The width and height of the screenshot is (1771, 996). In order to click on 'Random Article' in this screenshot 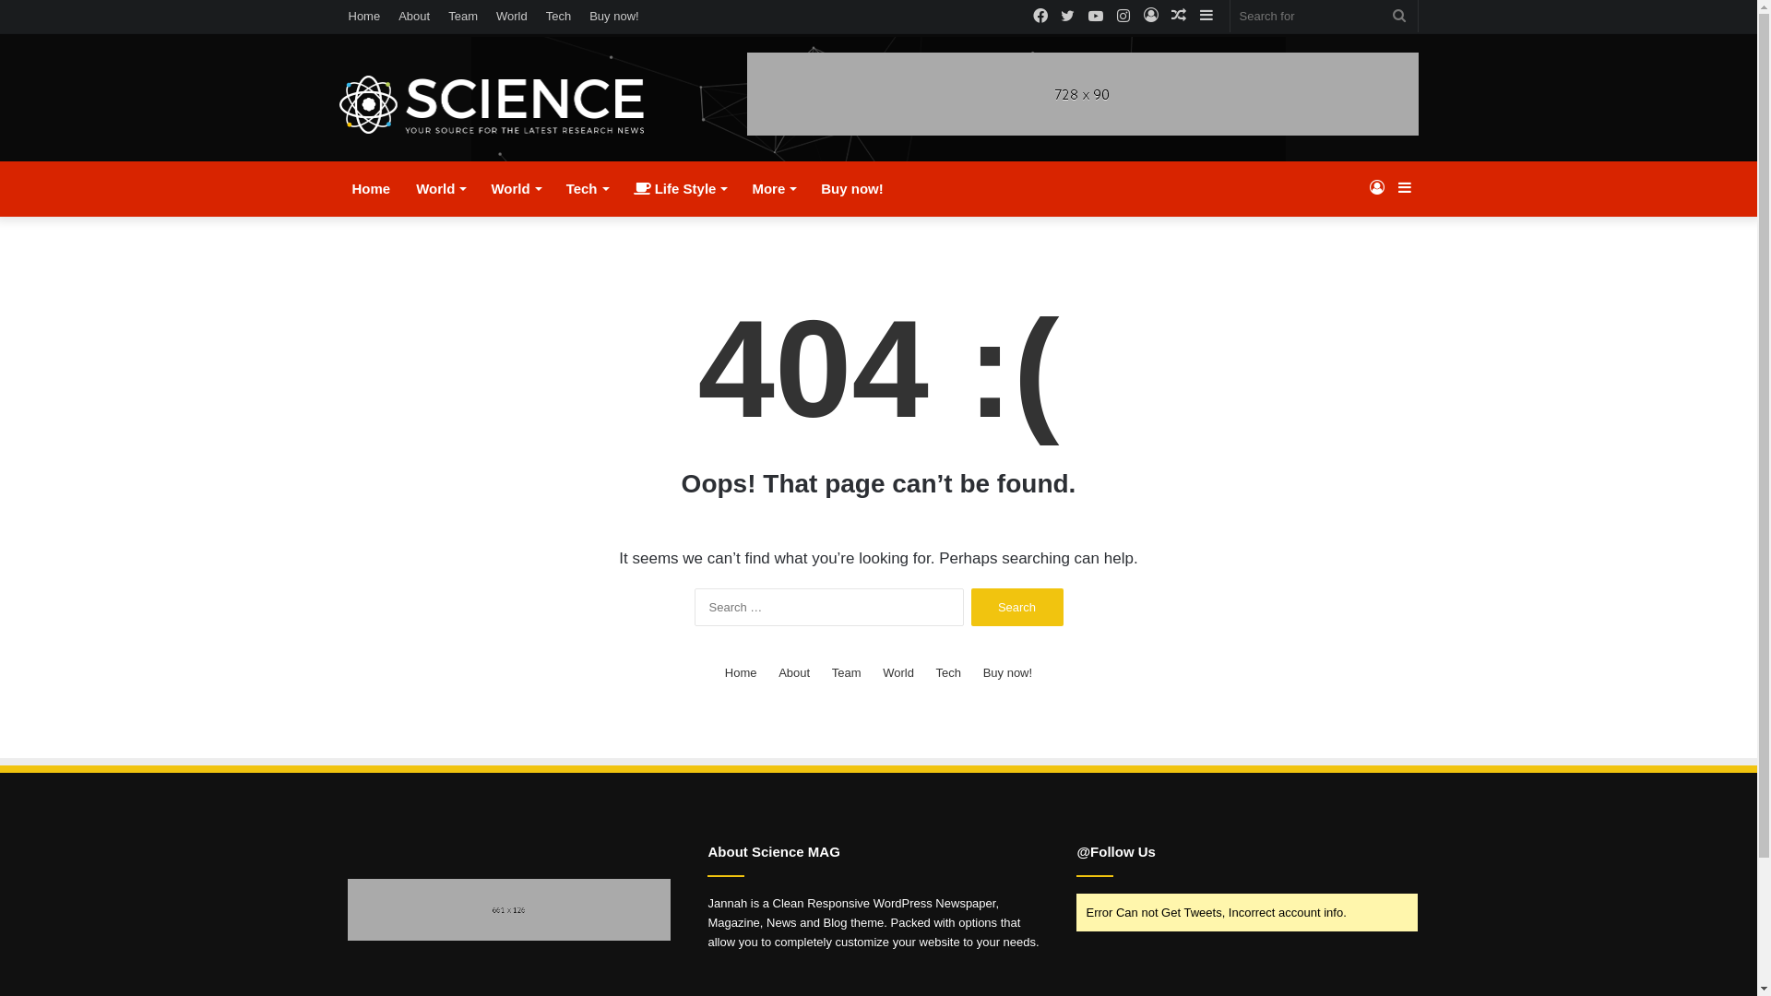, I will do `click(1177, 16)`.